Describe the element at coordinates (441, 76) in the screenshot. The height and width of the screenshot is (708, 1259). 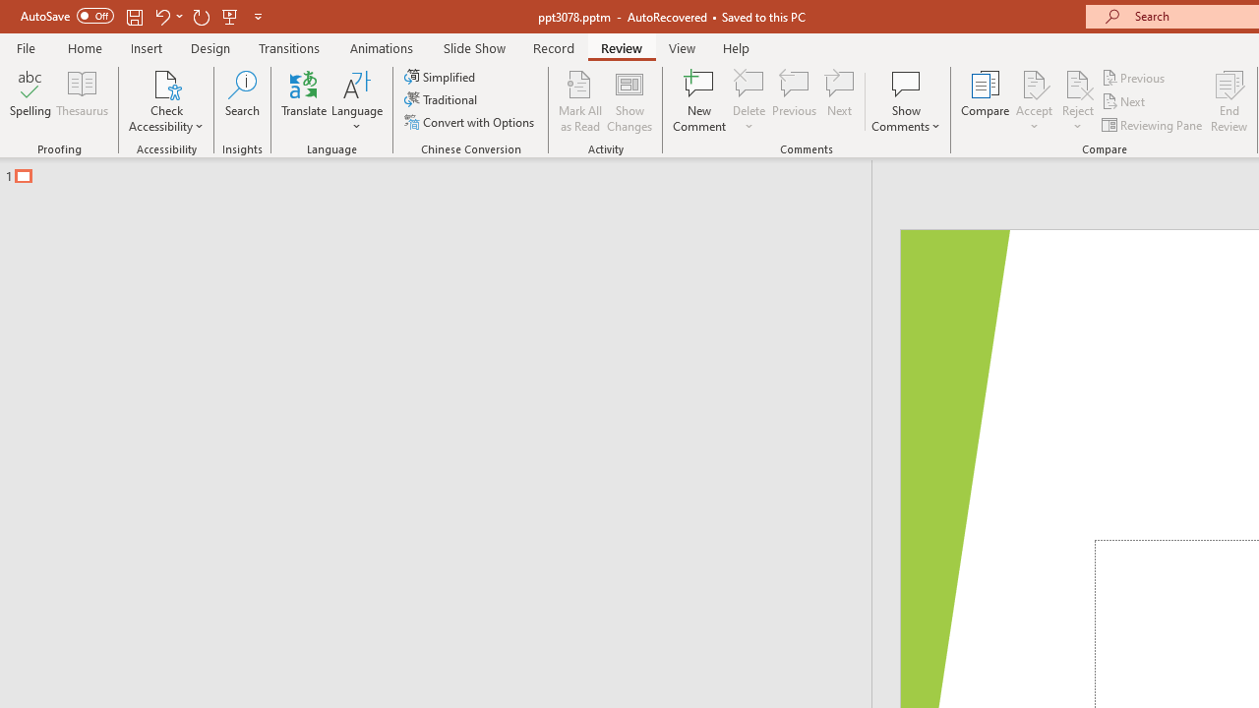
I see `'Simplified'` at that location.